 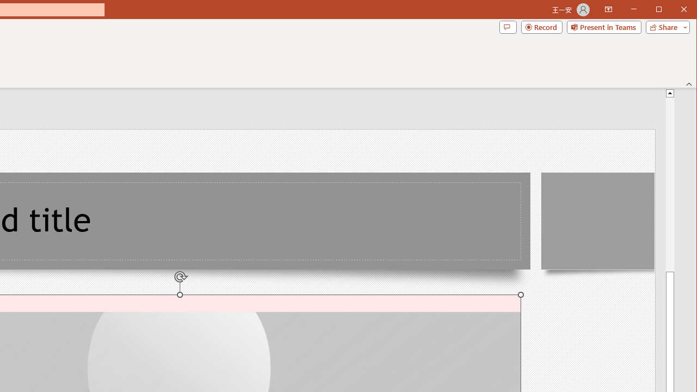 I want to click on 'Share', so click(x=665, y=27).